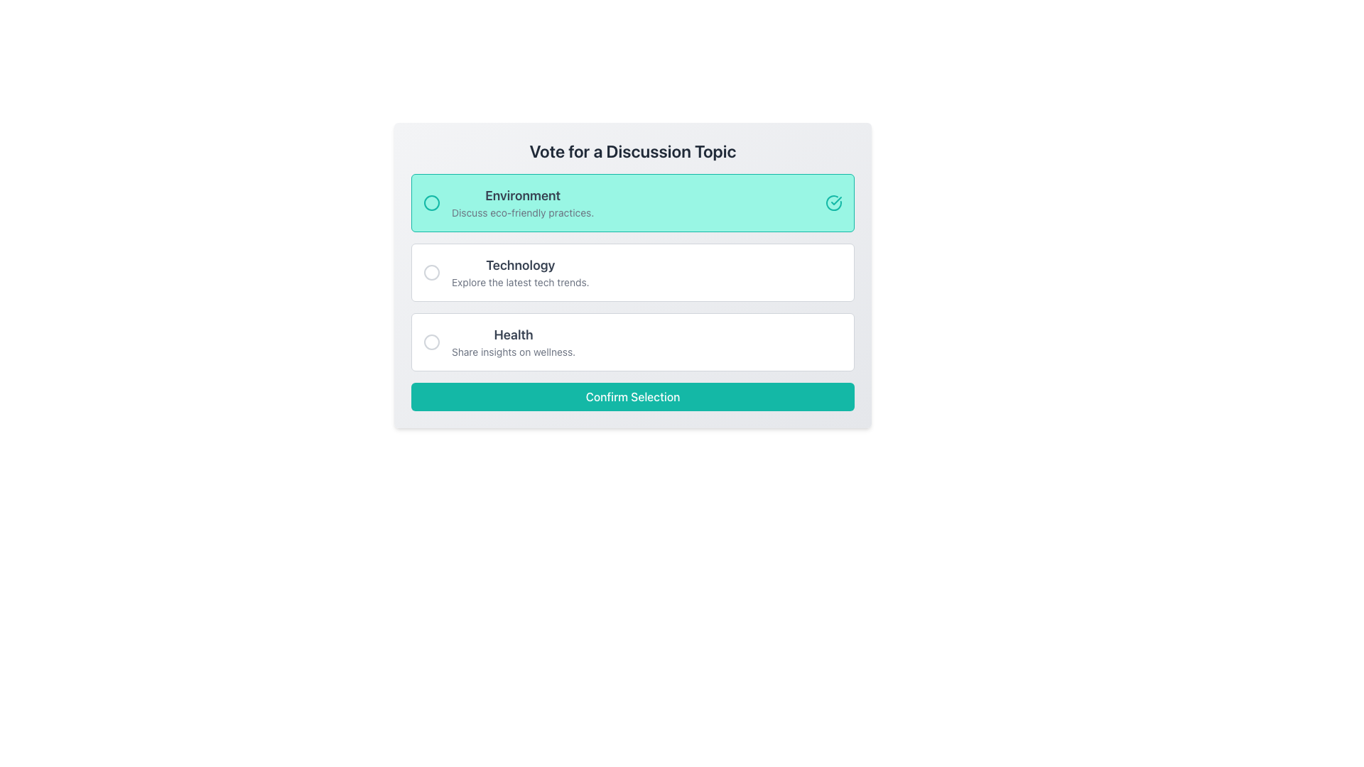 This screenshot has height=767, width=1364. Describe the element at coordinates (519, 273) in the screenshot. I see `the text block titled 'Technology' within the selectable list item, which features a bold title and a lighter description, located in the second choice of the vertical voting options` at that location.